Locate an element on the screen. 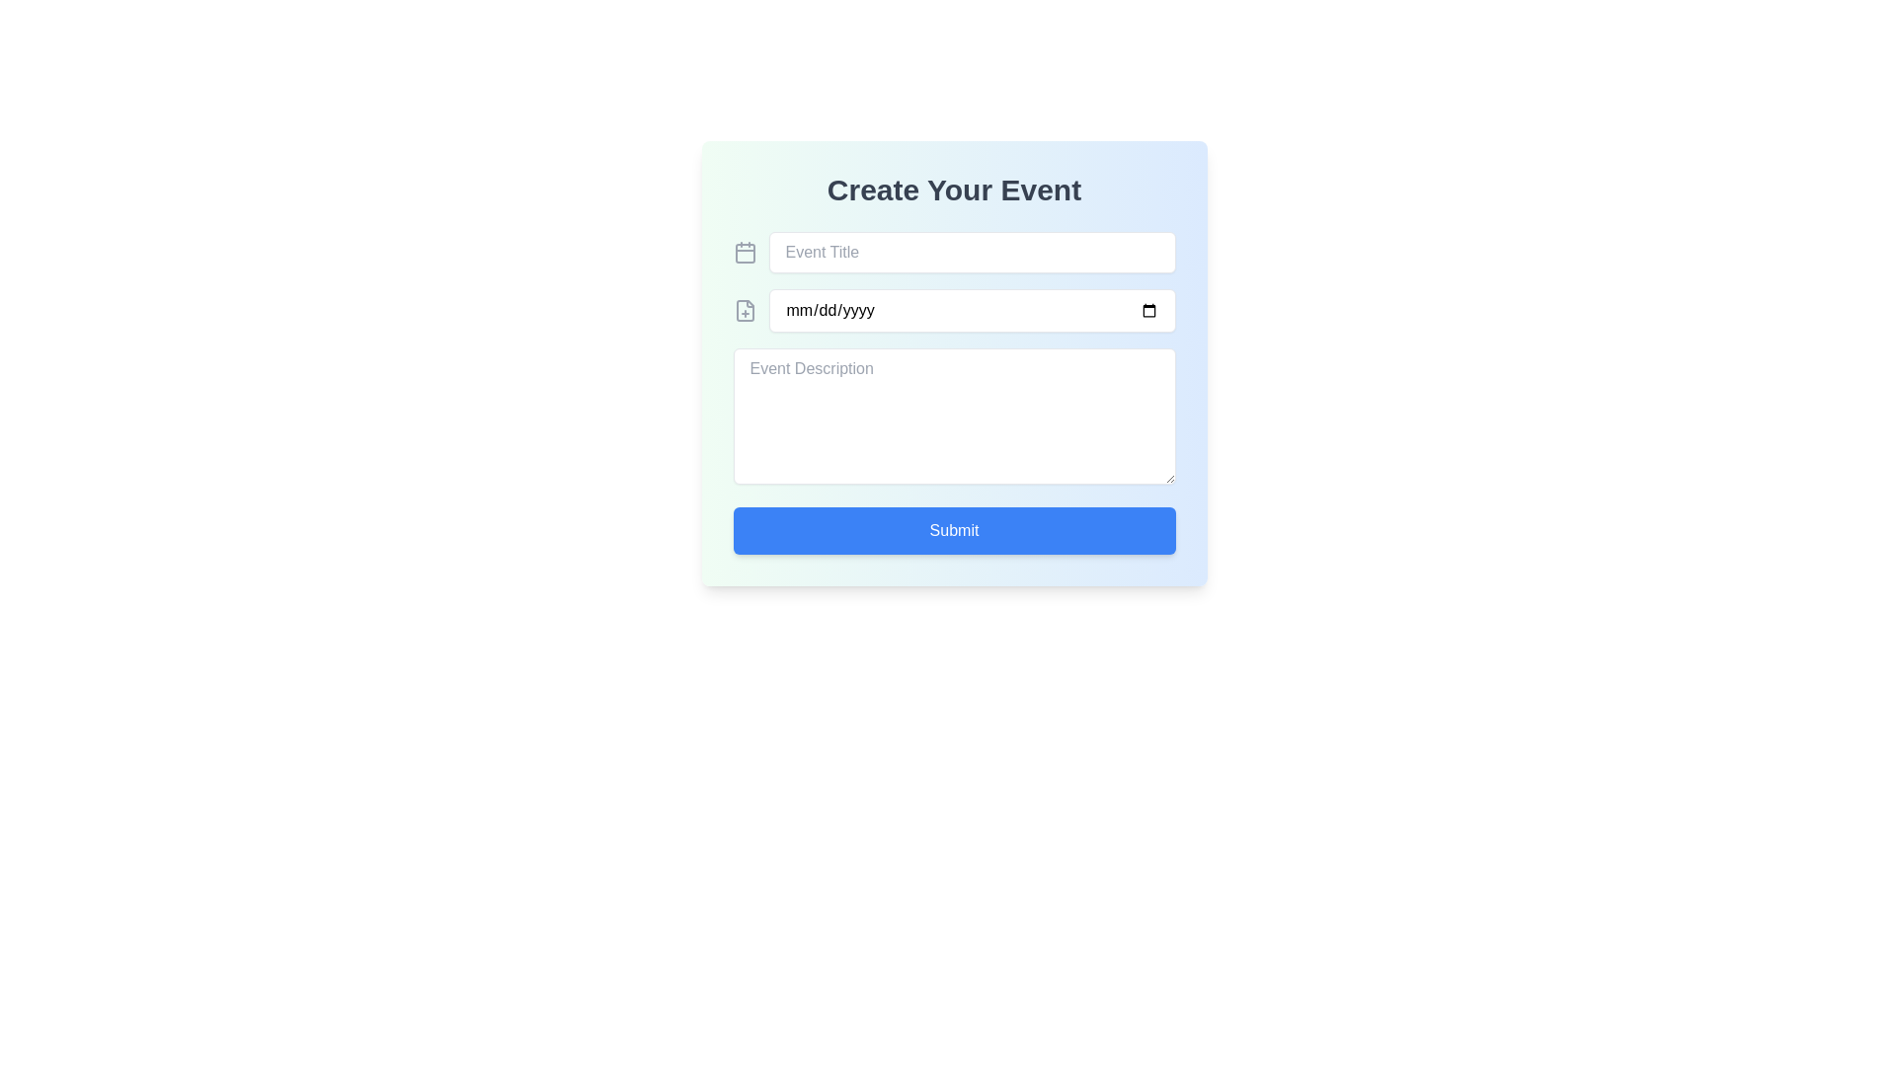 The width and height of the screenshot is (1896, 1066). stylized document icon located to the left of the date input field labeled 'mm/dd/yyyy' for decoration or identifier purposes is located at coordinates (744, 311).